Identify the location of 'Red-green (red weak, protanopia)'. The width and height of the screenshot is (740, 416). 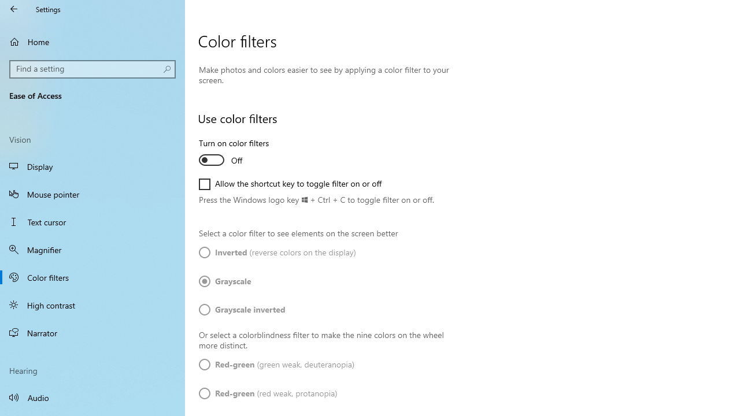
(268, 393).